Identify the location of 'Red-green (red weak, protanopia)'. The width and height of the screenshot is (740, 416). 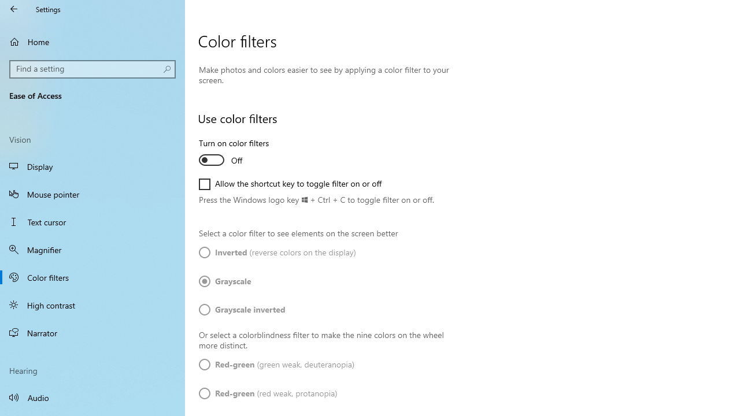
(268, 393).